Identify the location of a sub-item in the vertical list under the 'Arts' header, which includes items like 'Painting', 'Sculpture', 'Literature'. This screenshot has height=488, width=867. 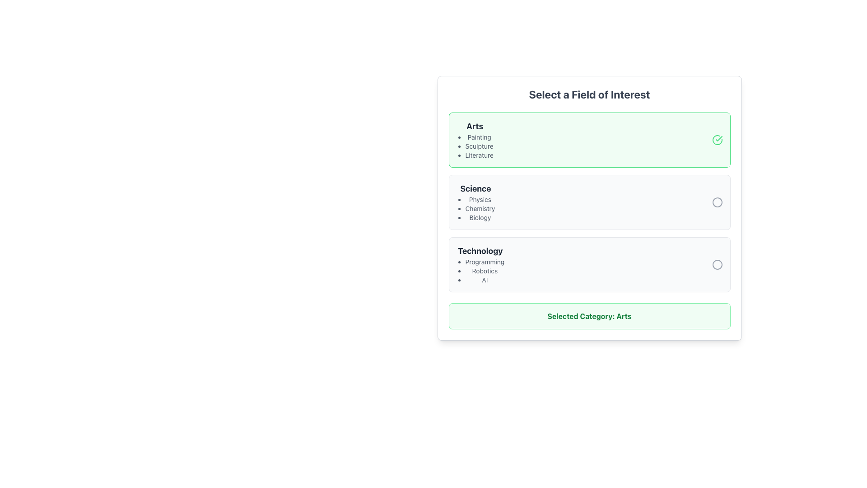
(474, 140).